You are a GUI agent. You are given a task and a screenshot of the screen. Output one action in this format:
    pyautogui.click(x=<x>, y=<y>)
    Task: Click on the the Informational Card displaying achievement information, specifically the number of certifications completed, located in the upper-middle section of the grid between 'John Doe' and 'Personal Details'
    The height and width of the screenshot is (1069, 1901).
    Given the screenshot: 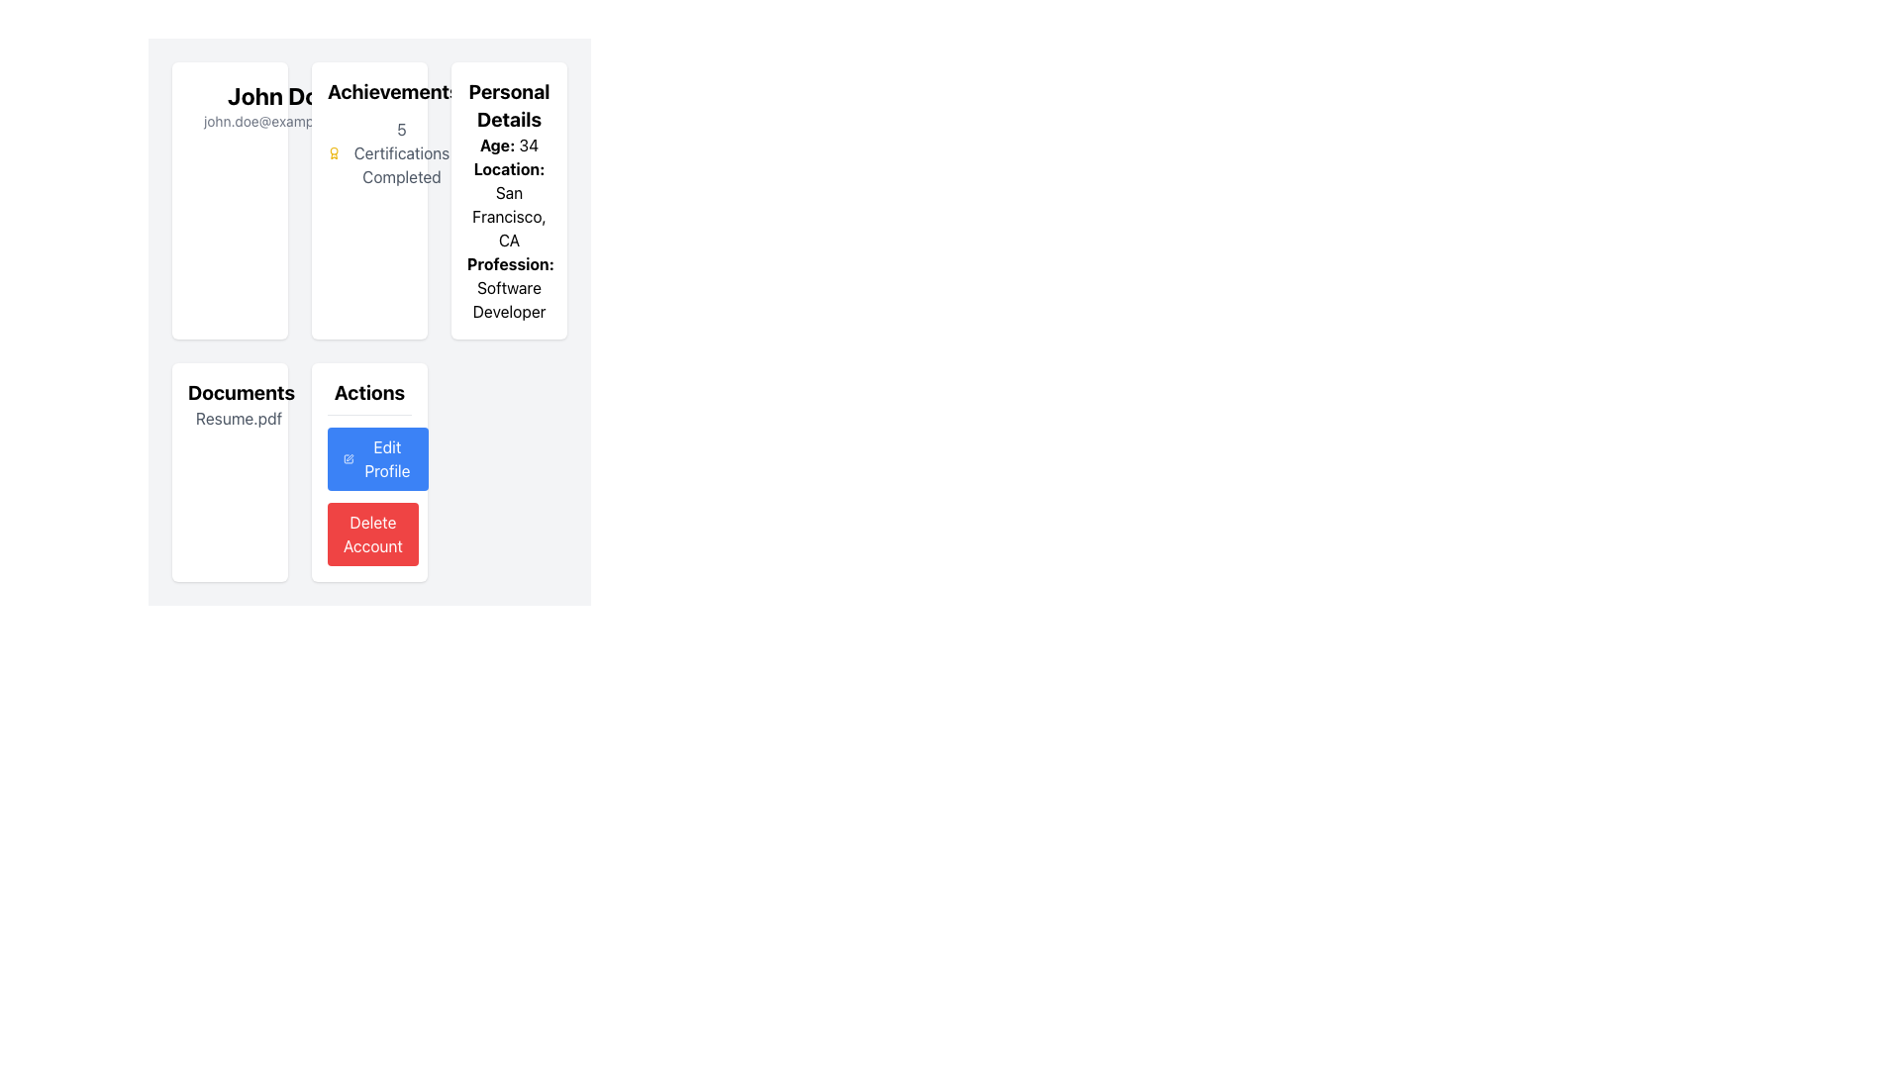 What is the action you would take?
    pyautogui.click(x=369, y=201)
    